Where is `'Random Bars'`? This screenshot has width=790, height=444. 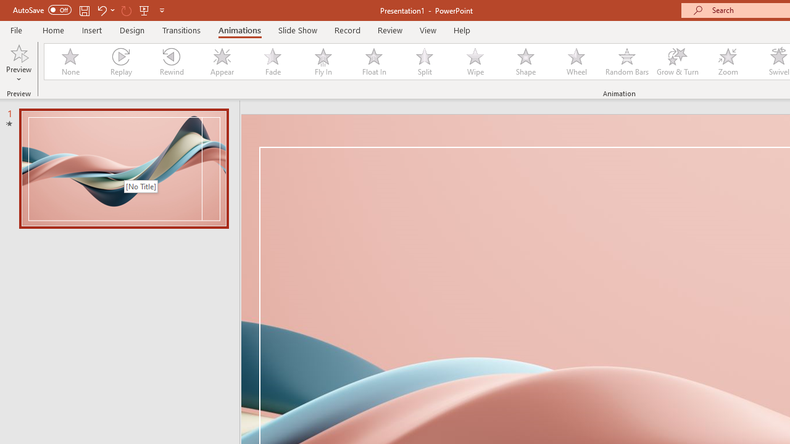 'Random Bars' is located at coordinates (627, 62).